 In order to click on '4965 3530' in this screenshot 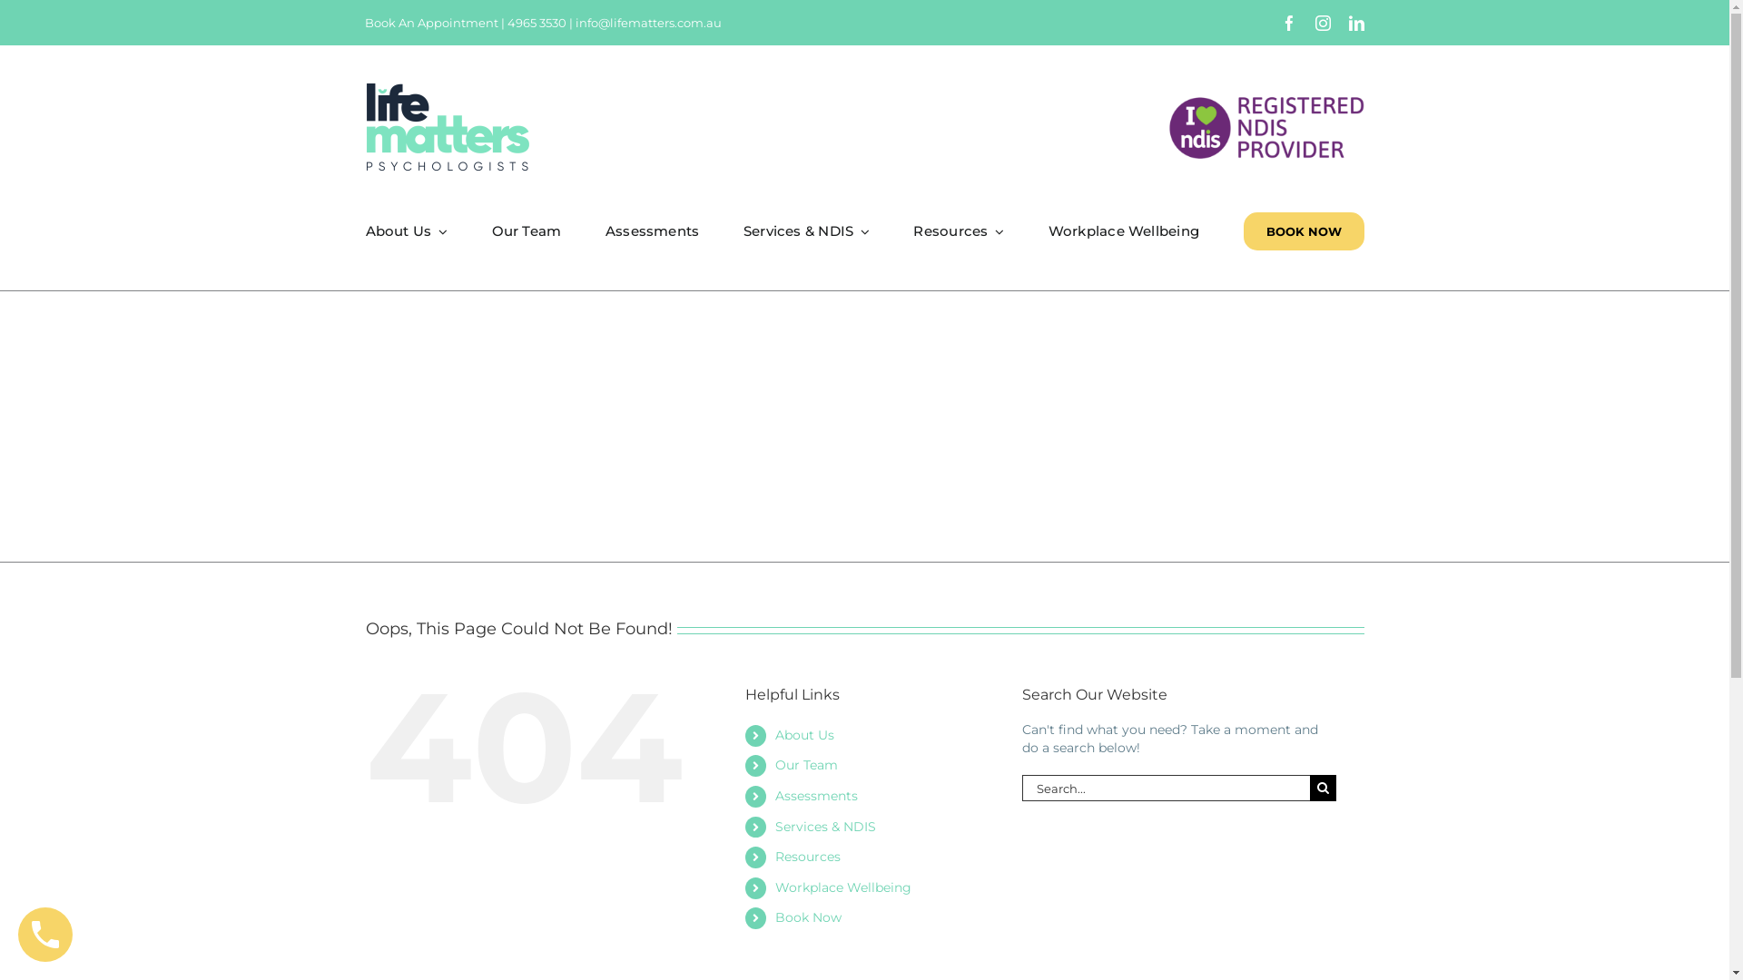, I will do `click(507, 22)`.